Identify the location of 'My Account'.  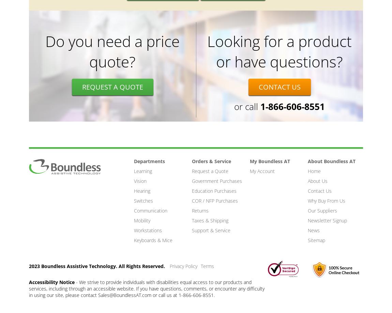
(262, 171).